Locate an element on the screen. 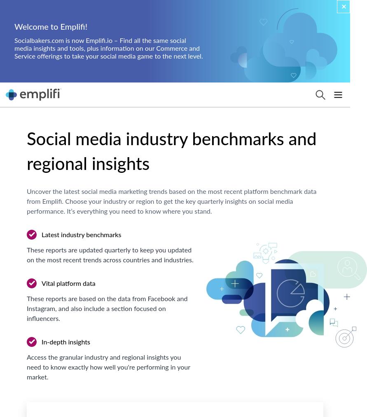  'These reports are updated quarterly to keep you updated on the most recent trends across countries and industries.' is located at coordinates (27, 255).